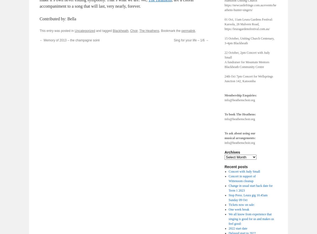 This screenshot has width=317, height=234. Describe the element at coordinates (251, 219) in the screenshot. I see `'We all know from experience that singing is good for us and makes us feel good:'` at that location.